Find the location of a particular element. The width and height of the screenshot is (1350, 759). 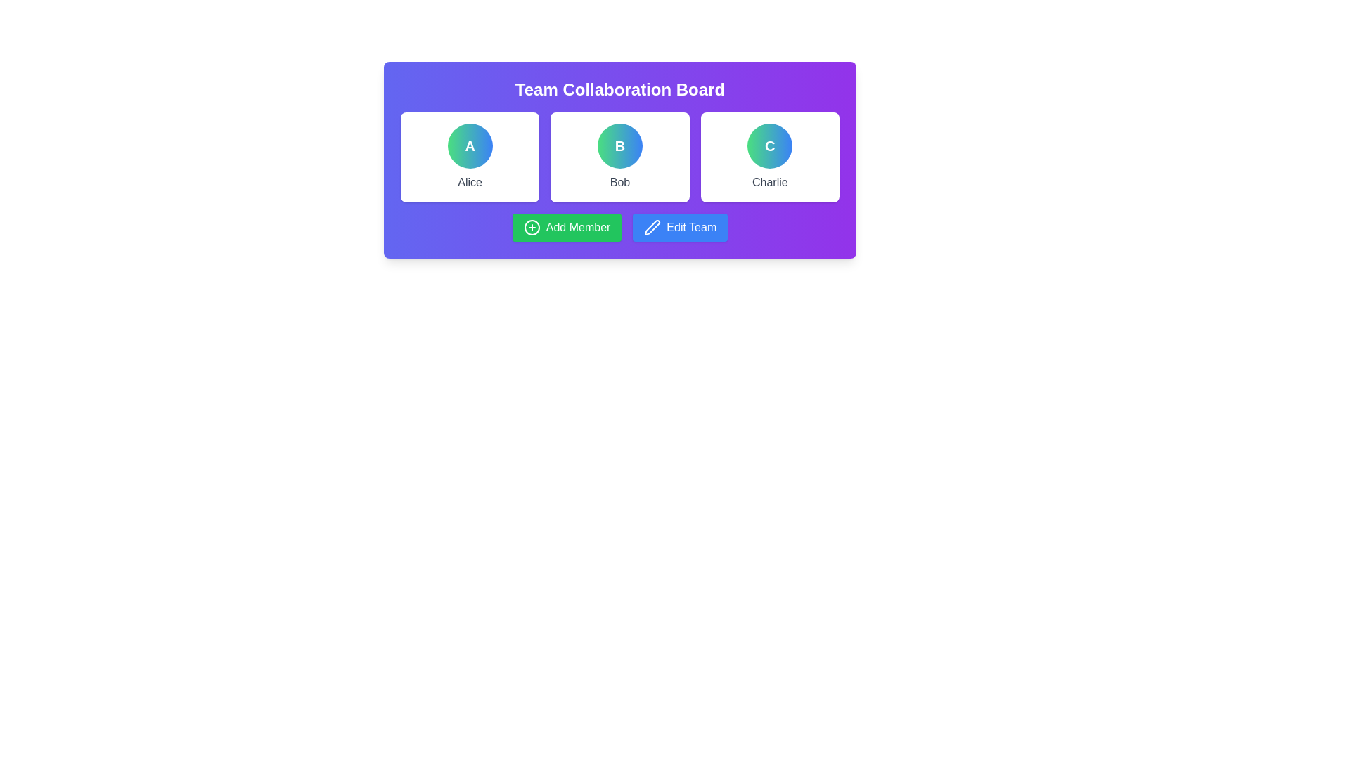

the edit icon within the 'Edit Team' button is located at coordinates (652, 227).